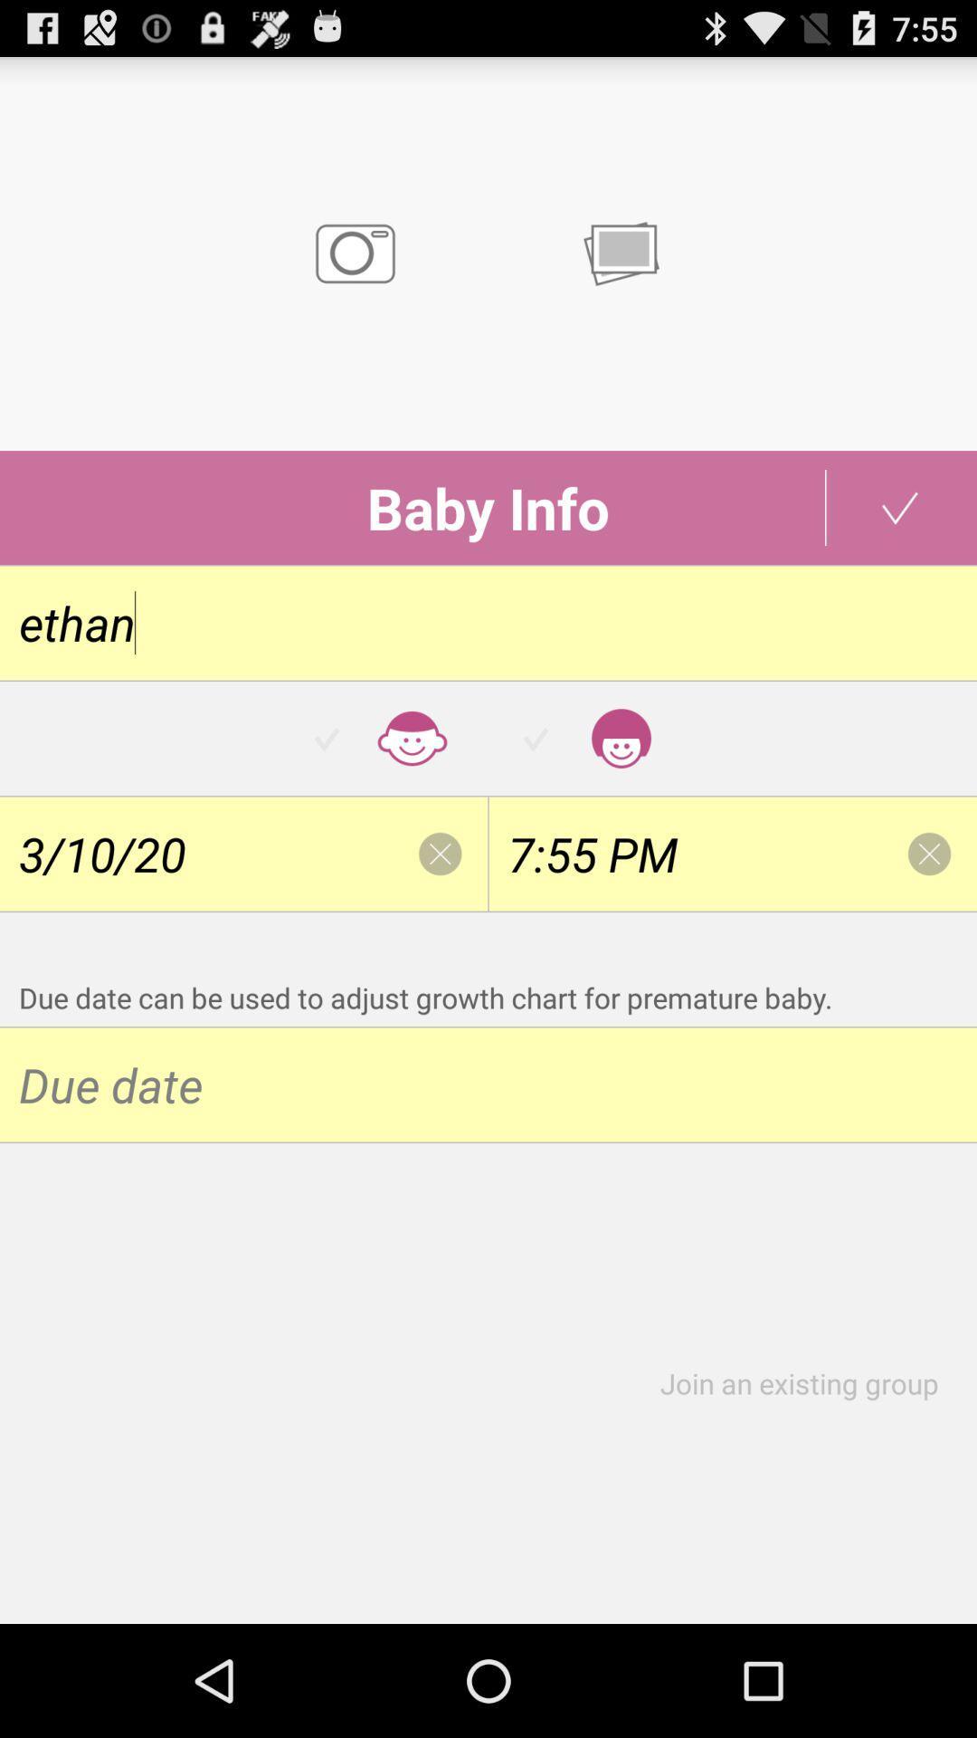 The image size is (977, 1738). Describe the element at coordinates (440, 913) in the screenshot. I see `the close icon` at that location.